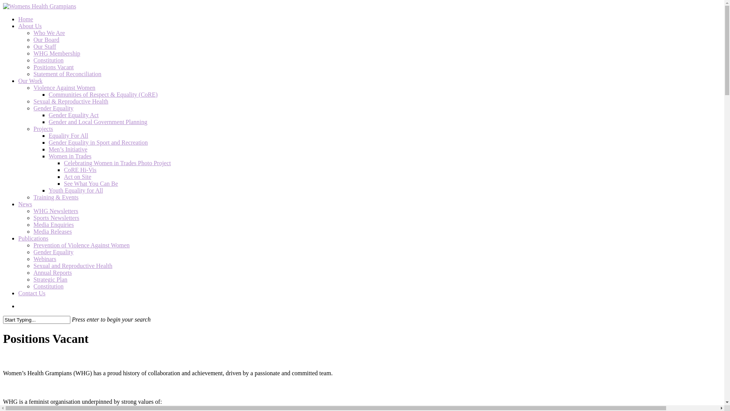  What do you see at coordinates (18, 81) in the screenshot?
I see `'Our Work'` at bounding box center [18, 81].